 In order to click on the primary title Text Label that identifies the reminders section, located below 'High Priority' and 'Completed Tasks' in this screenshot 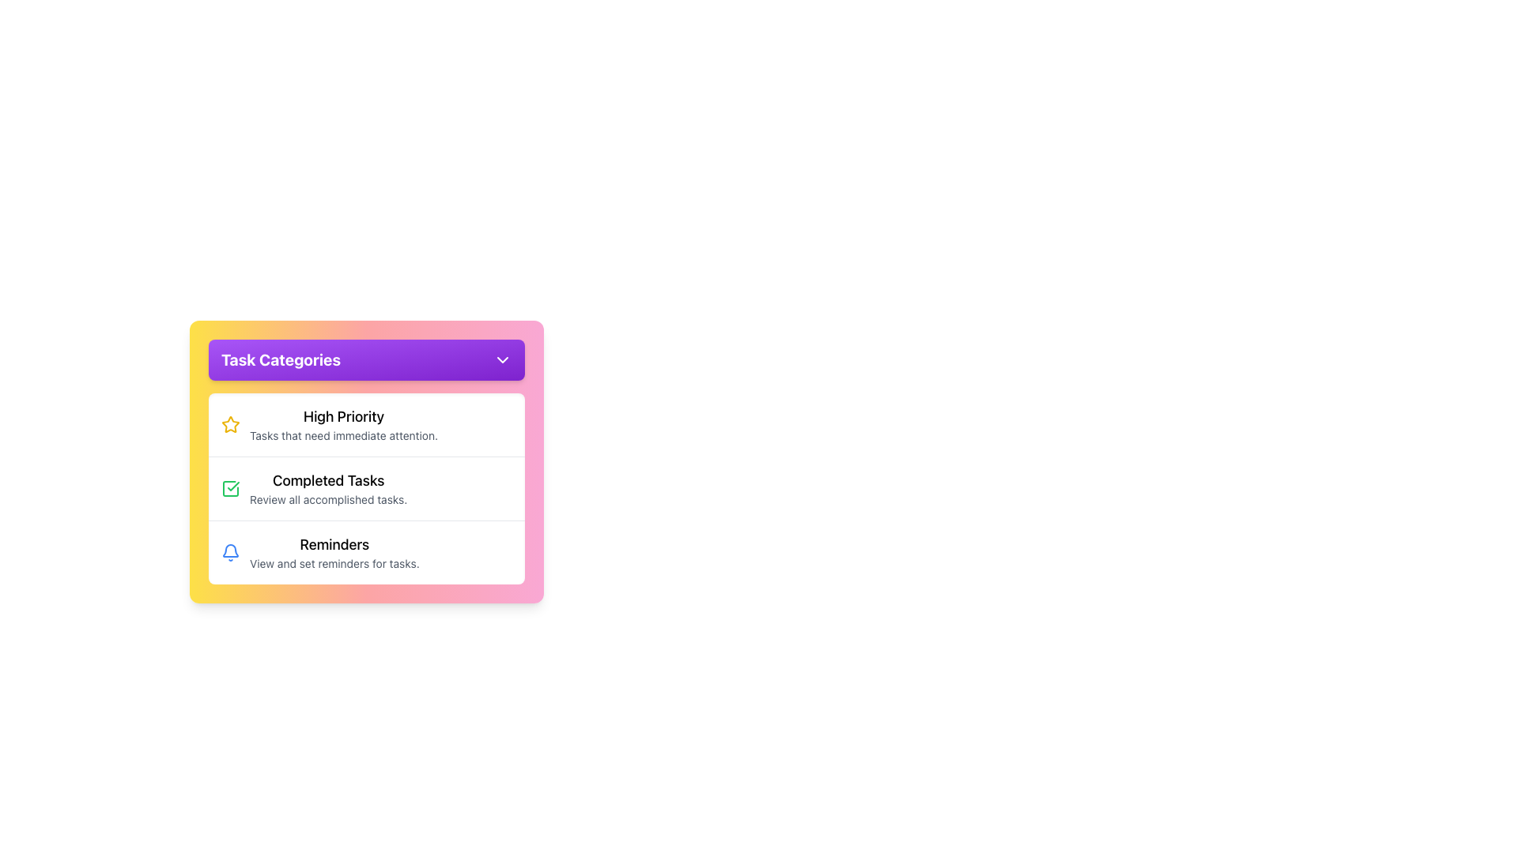, I will do `click(334, 544)`.